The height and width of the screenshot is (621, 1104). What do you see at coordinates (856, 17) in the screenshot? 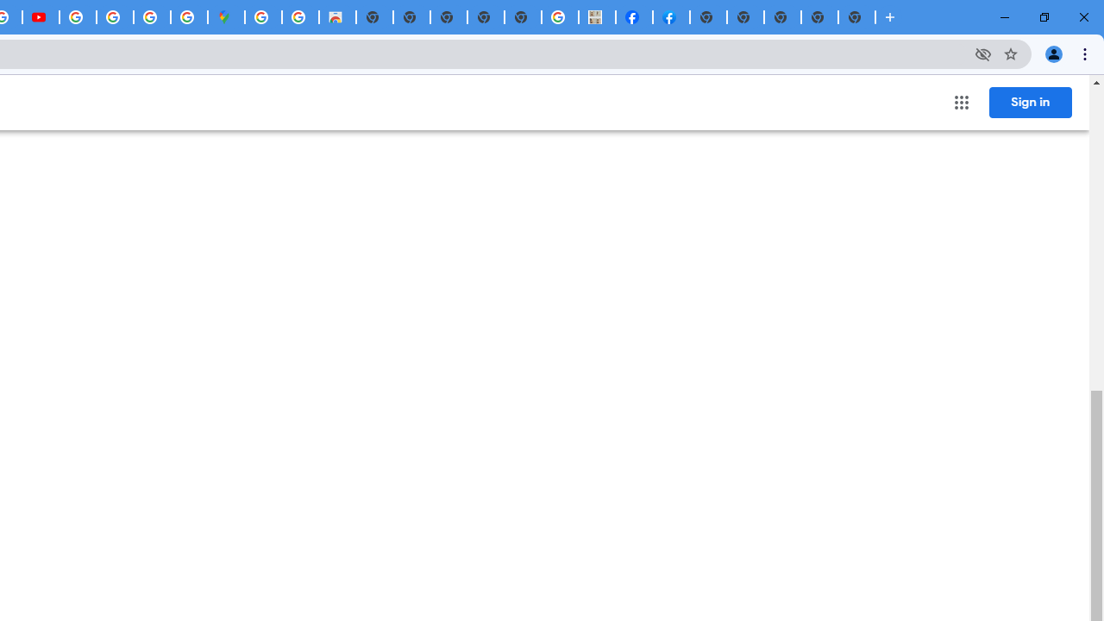
I see `'New Tab'` at bounding box center [856, 17].